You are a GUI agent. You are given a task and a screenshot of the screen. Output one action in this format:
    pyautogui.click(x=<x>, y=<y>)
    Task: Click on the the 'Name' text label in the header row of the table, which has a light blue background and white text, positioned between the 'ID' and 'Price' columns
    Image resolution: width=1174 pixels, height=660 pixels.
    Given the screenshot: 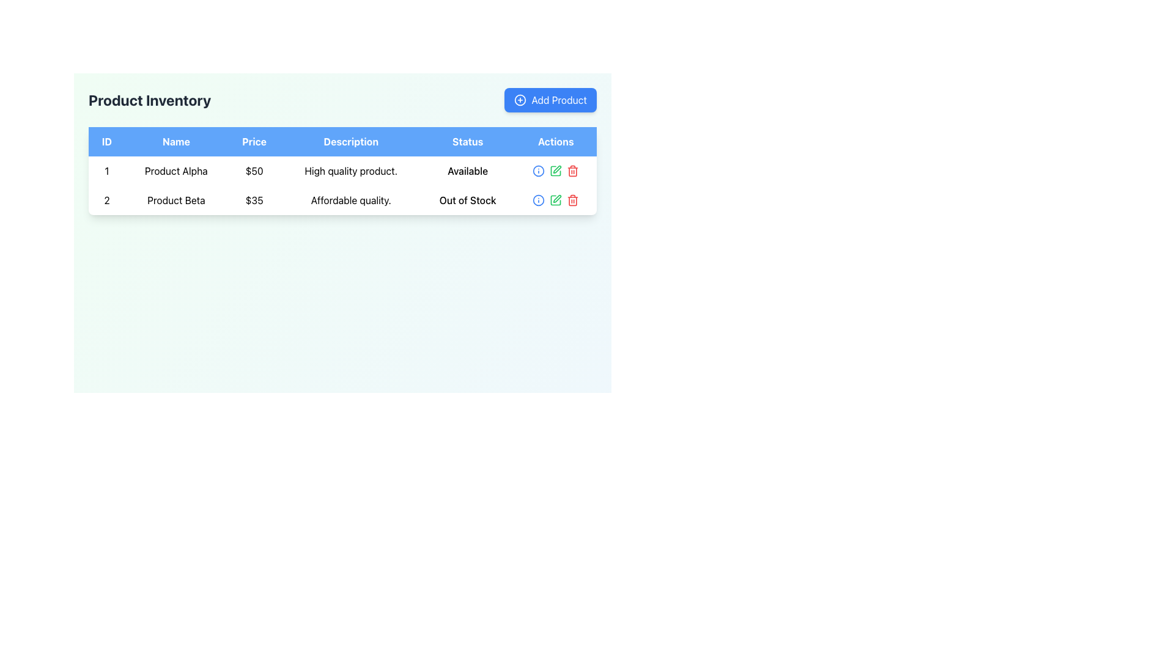 What is the action you would take?
    pyautogui.click(x=175, y=141)
    